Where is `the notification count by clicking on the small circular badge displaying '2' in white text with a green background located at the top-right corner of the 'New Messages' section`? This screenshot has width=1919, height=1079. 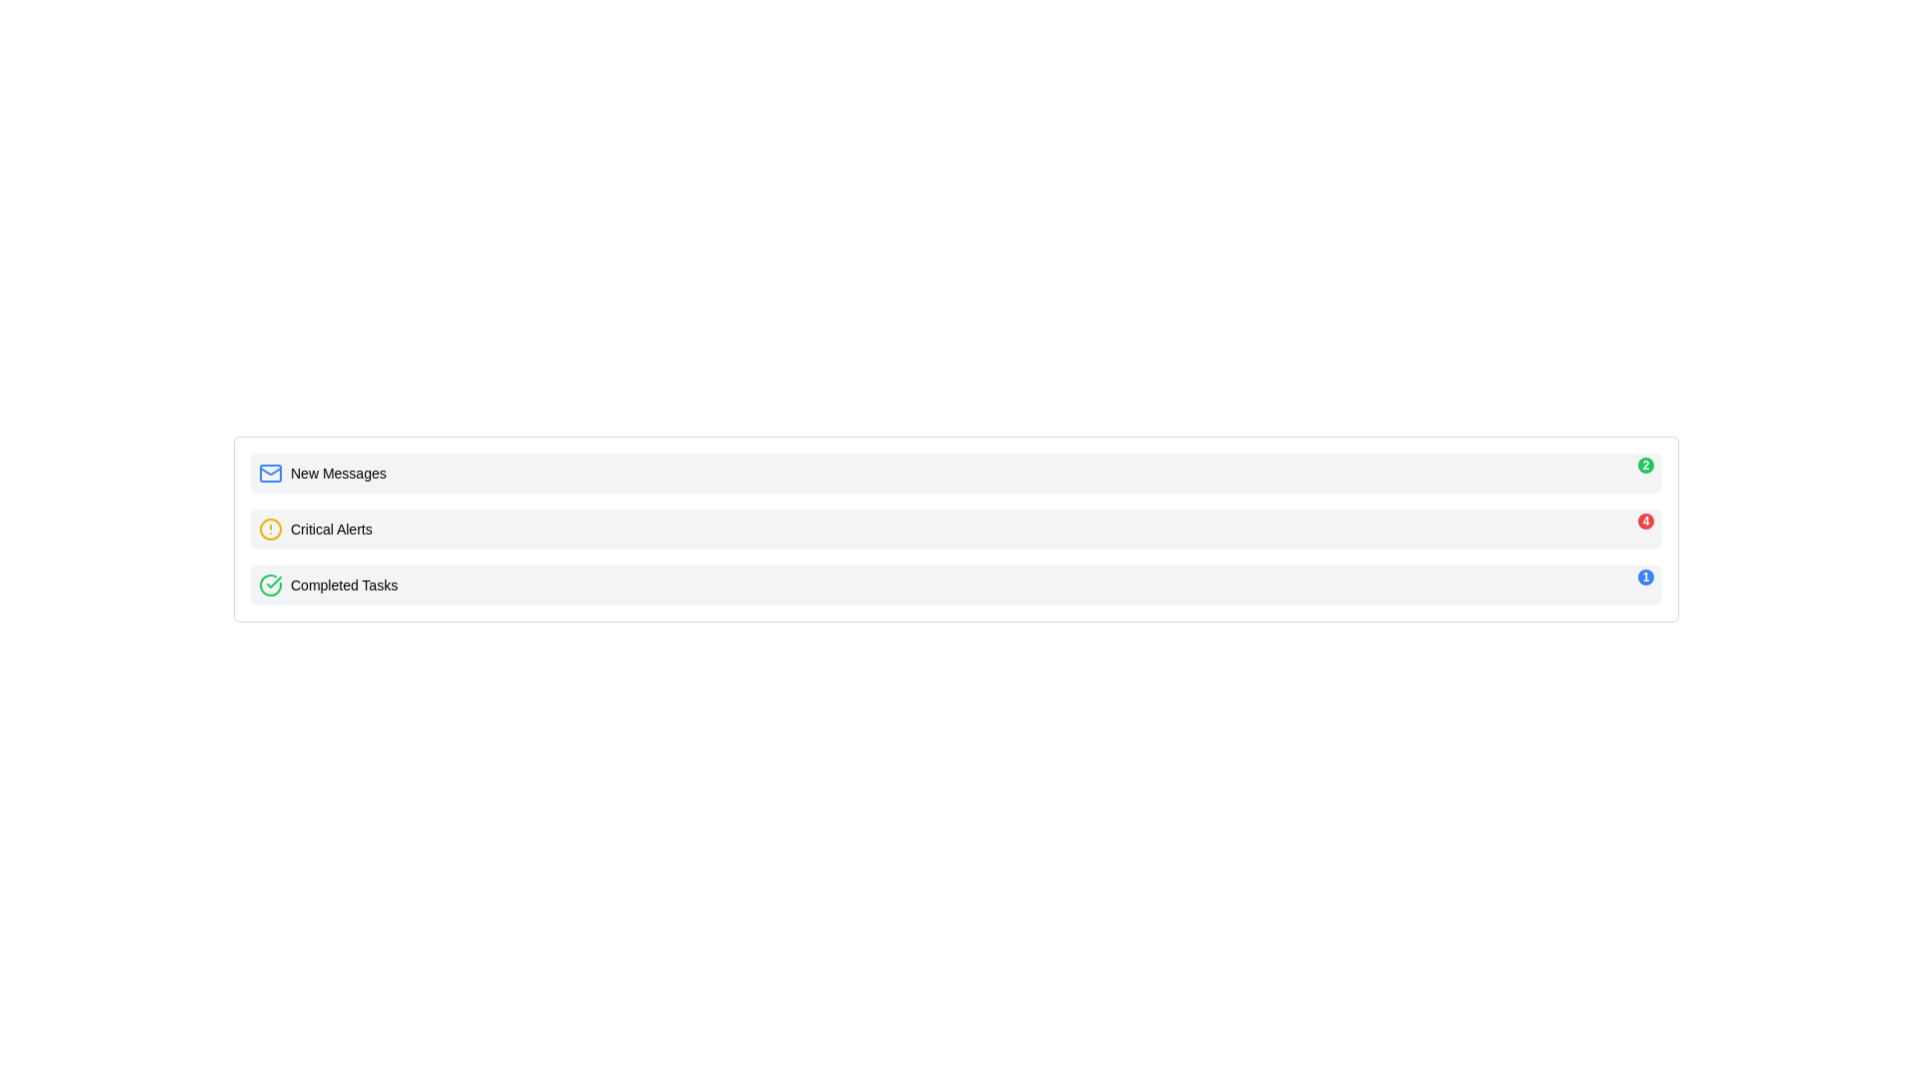 the notification count by clicking on the small circular badge displaying '2' in white text with a green background located at the top-right corner of the 'New Messages' section is located at coordinates (1645, 467).